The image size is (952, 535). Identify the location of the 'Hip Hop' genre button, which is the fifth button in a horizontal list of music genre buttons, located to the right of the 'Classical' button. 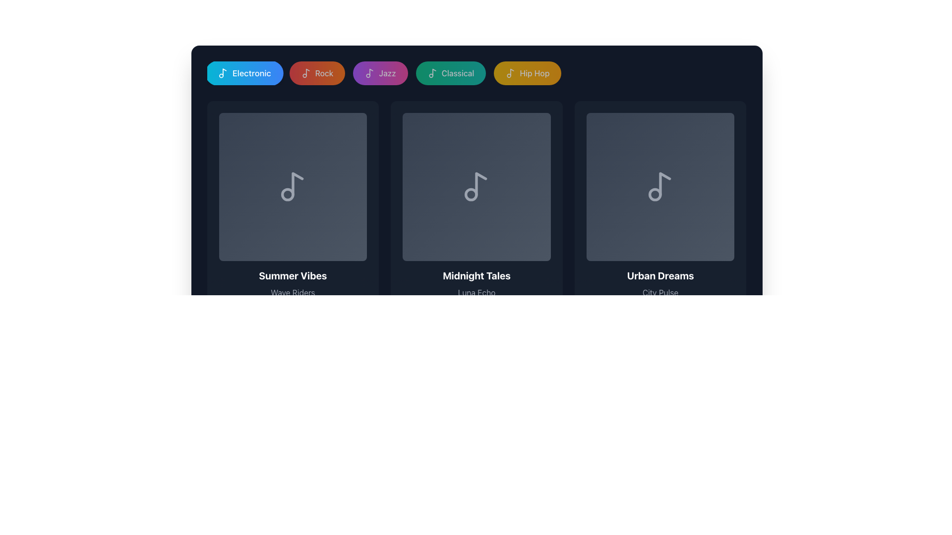
(527, 72).